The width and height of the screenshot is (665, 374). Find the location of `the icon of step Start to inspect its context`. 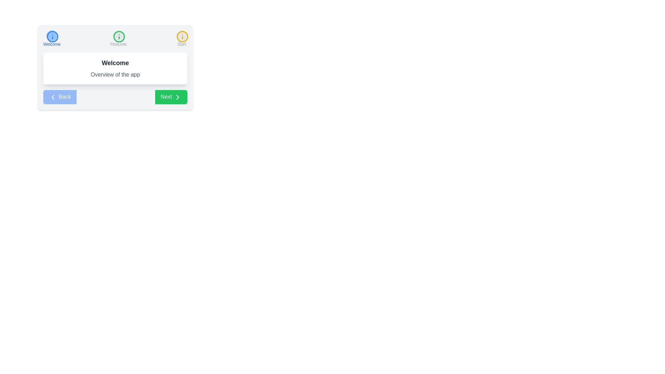

the icon of step Start to inspect its context is located at coordinates (181, 36).